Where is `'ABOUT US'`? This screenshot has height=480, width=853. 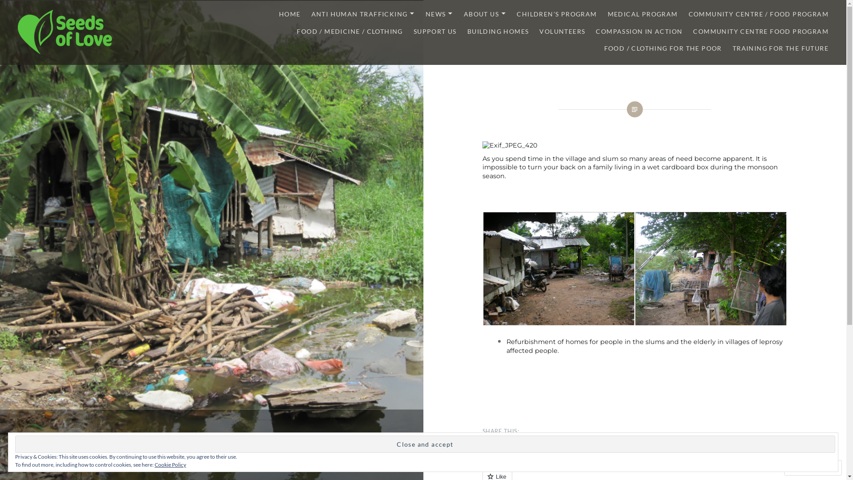
'ABOUT US' is located at coordinates (484, 14).